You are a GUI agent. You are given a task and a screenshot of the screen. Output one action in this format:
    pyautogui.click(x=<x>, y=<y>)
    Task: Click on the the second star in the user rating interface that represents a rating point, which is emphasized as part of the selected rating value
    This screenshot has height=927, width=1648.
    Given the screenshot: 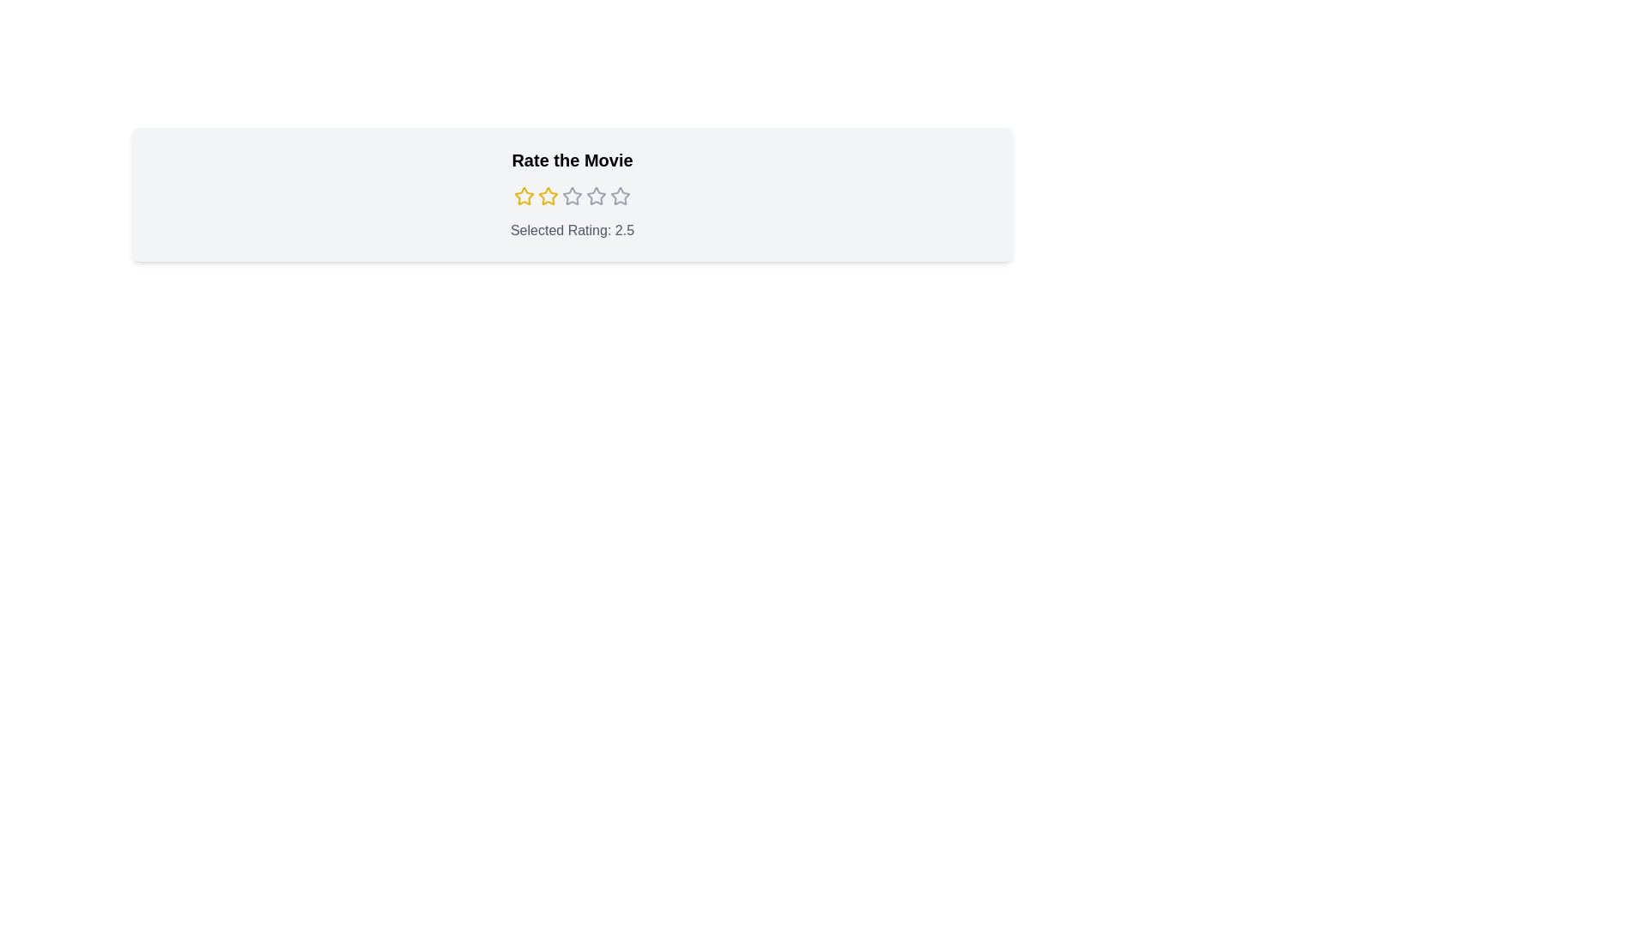 What is the action you would take?
    pyautogui.click(x=547, y=195)
    